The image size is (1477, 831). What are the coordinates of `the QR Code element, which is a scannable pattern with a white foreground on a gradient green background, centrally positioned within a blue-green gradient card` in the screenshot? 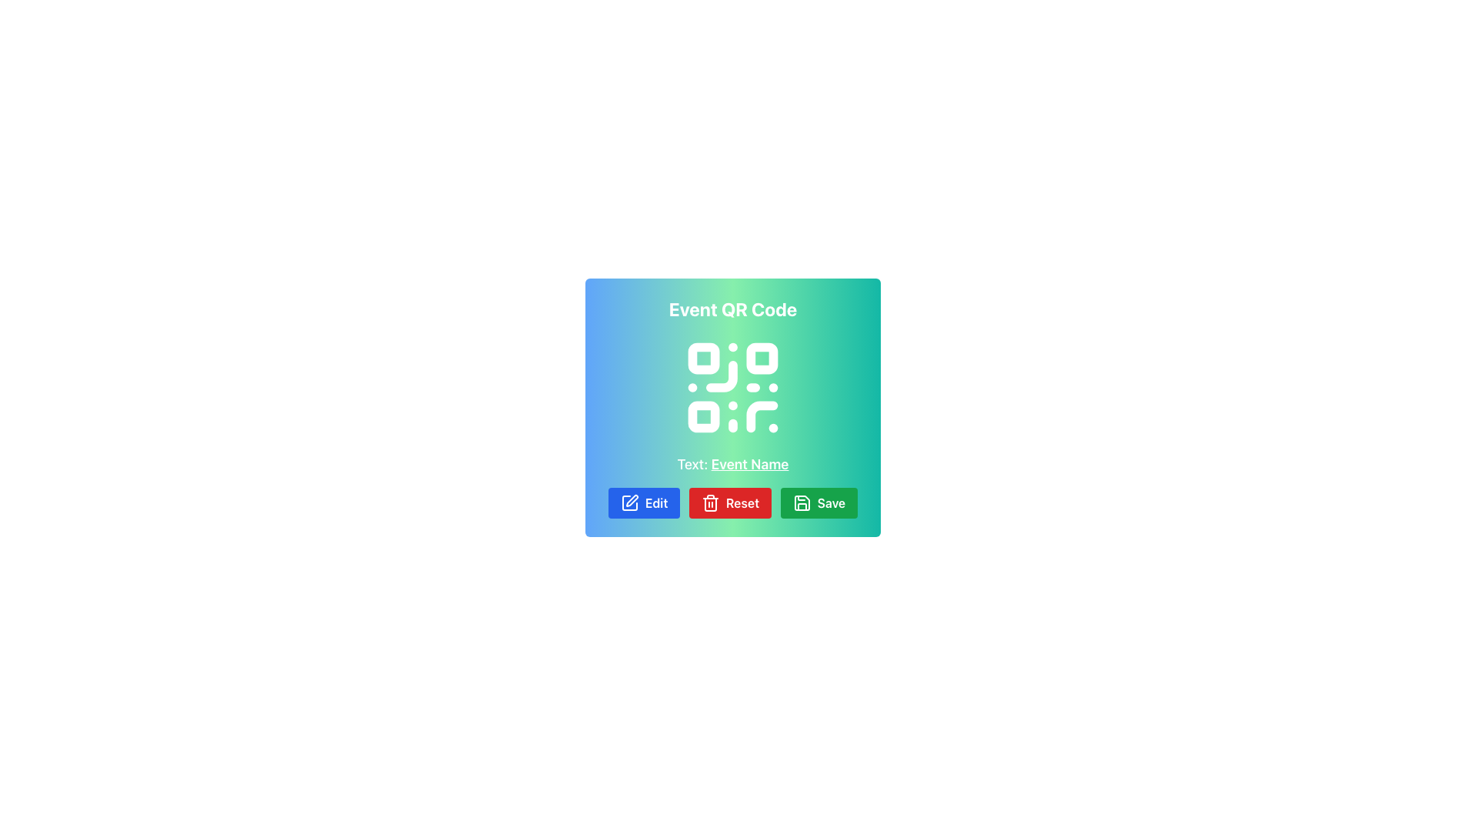 It's located at (732, 387).